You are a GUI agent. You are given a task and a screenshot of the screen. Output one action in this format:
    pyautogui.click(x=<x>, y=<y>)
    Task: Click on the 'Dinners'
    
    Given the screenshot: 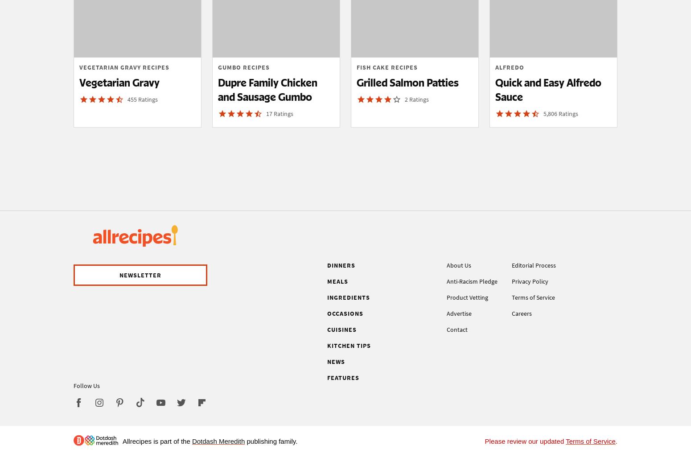 What is the action you would take?
    pyautogui.click(x=341, y=265)
    